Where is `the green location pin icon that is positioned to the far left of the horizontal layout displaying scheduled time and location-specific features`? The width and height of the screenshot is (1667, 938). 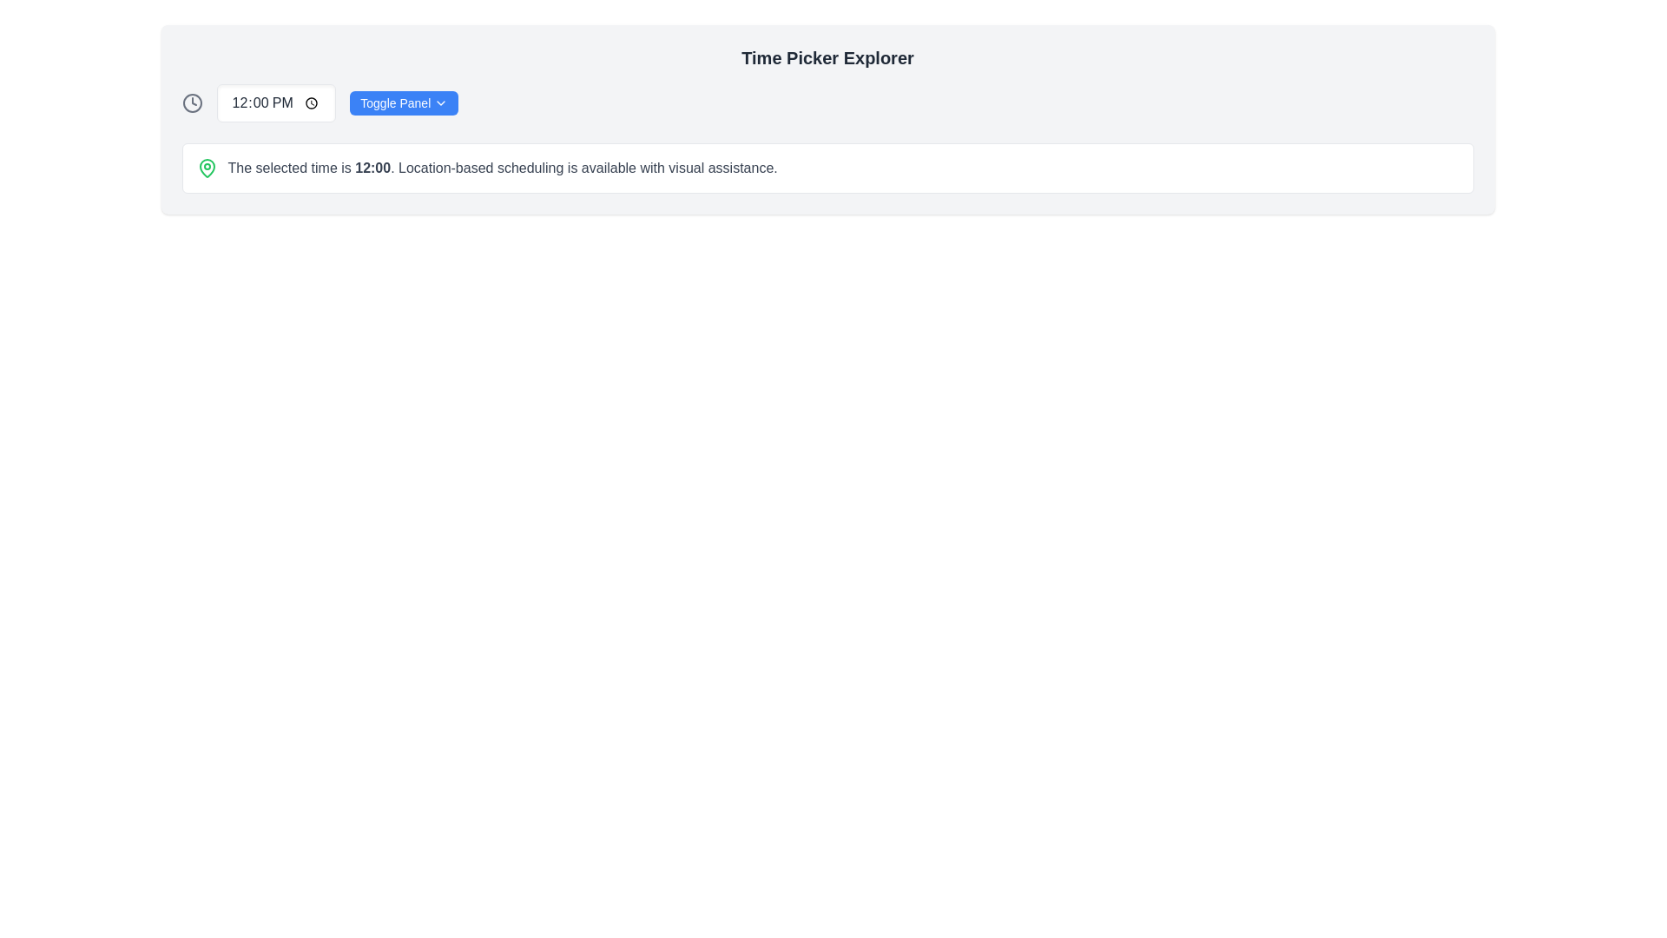
the green location pin icon that is positioned to the far left of the horizontal layout displaying scheduled time and location-specific features is located at coordinates (207, 168).